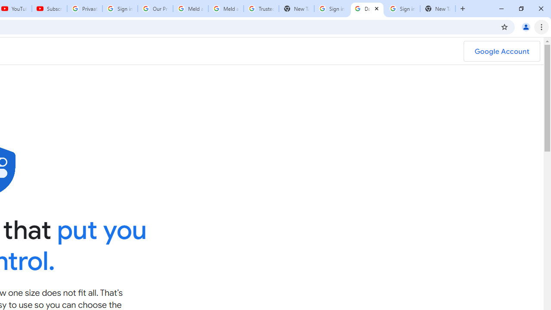  Describe the element at coordinates (260, 9) in the screenshot. I see `'Trusted Information and Content - Google Safety Center'` at that location.